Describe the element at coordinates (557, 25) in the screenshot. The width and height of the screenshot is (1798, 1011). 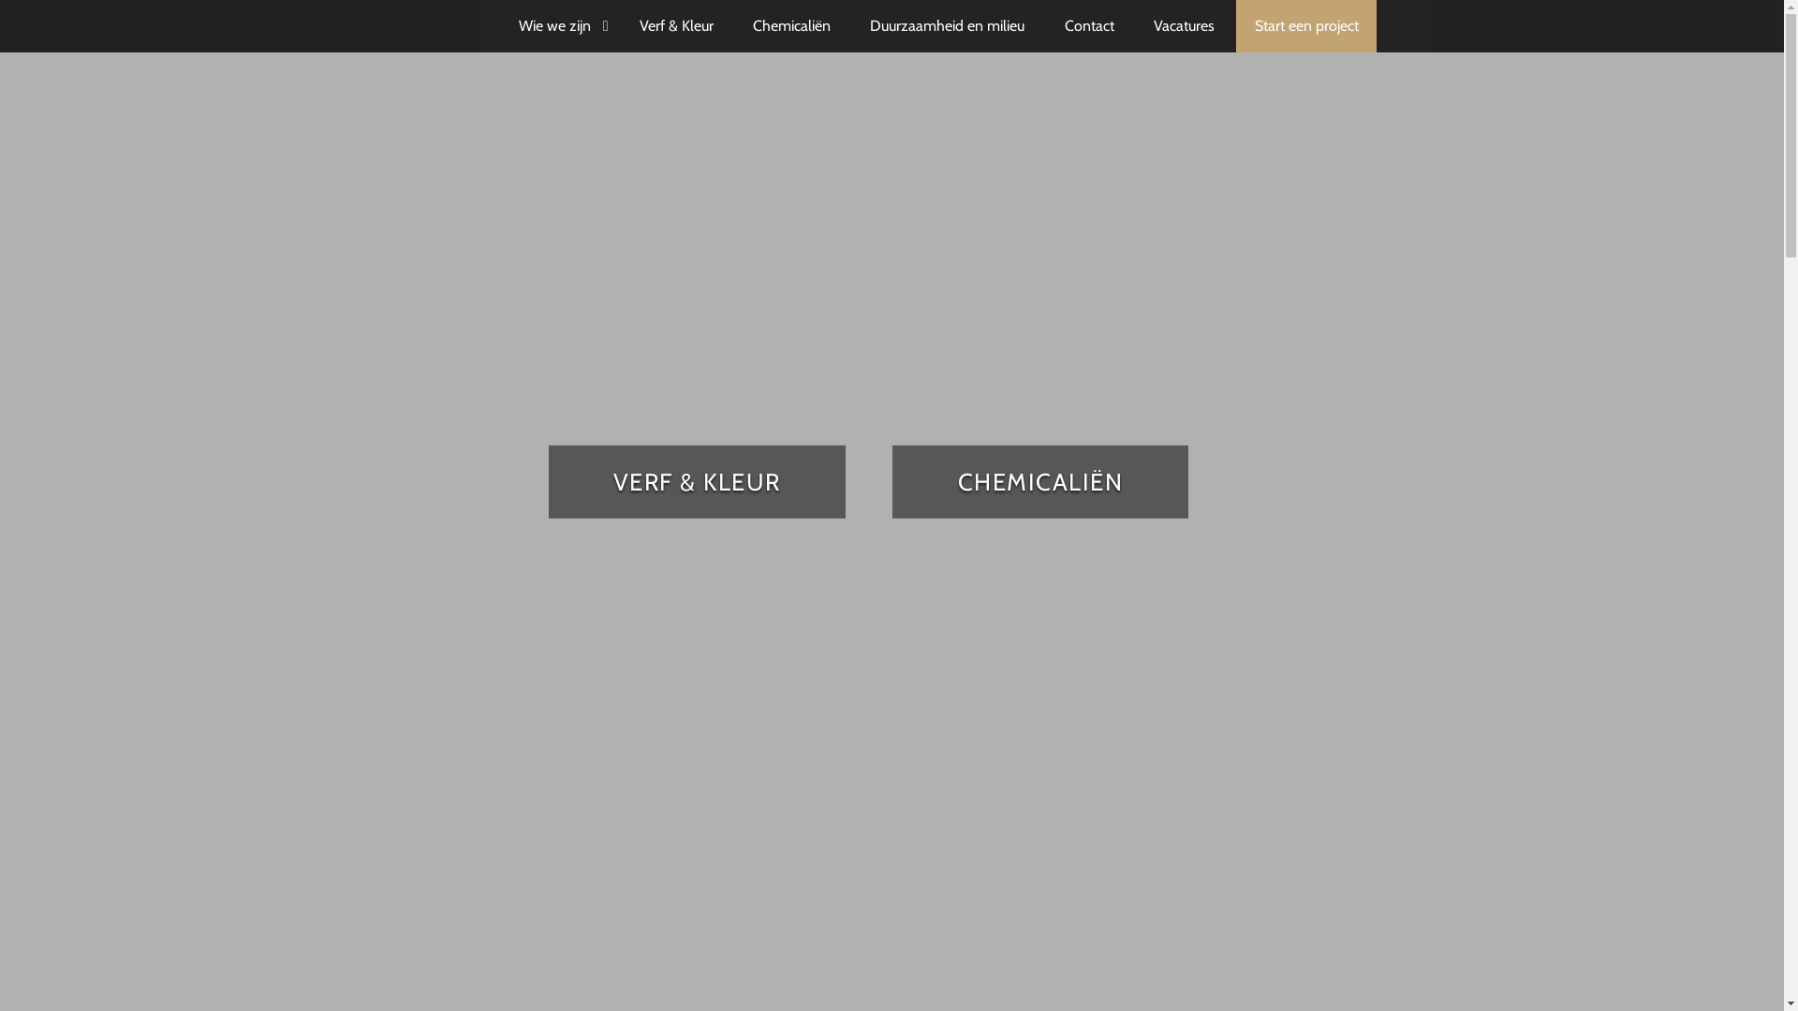
I see `'Wie we zijn'` at that location.